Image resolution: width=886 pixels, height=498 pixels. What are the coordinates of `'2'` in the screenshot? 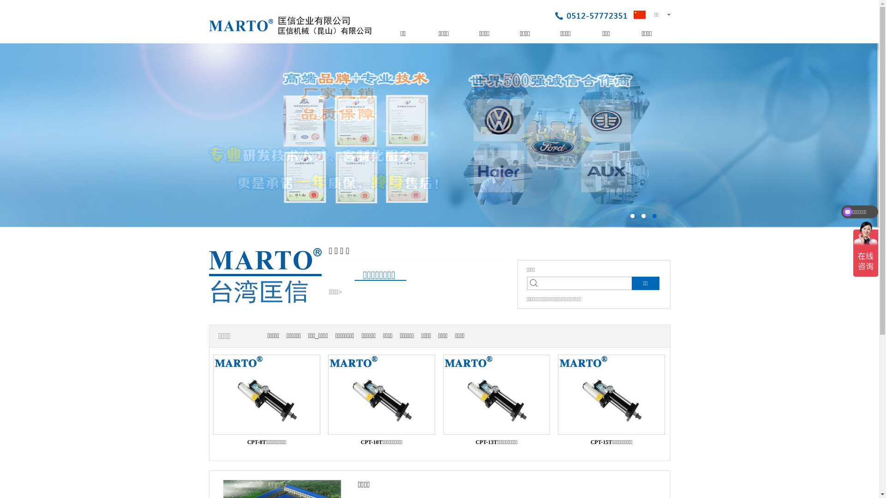 It's located at (641, 216).